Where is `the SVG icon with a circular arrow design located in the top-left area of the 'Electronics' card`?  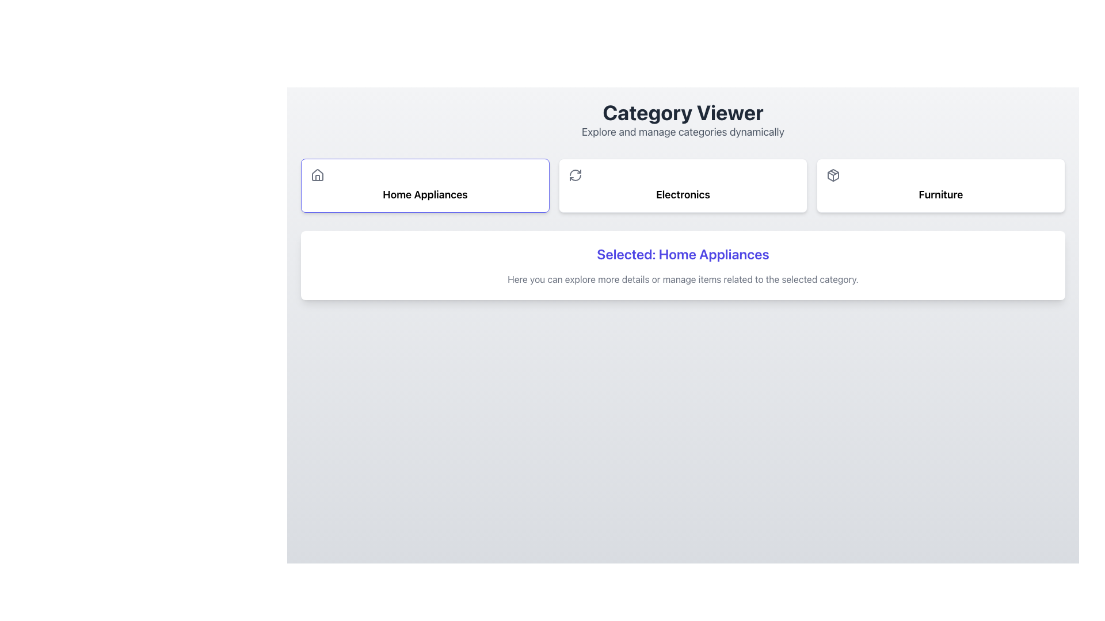
the SVG icon with a circular arrow design located in the top-left area of the 'Electronics' card is located at coordinates (575, 175).